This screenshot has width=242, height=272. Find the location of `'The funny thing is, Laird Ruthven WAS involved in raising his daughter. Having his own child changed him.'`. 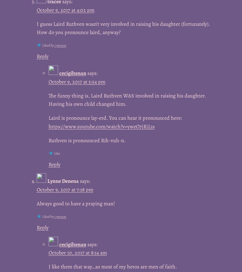

'The funny thing is, Laird Ruthven WAS involved in raising his daughter. Having his own child changed him.' is located at coordinates (127, 100).